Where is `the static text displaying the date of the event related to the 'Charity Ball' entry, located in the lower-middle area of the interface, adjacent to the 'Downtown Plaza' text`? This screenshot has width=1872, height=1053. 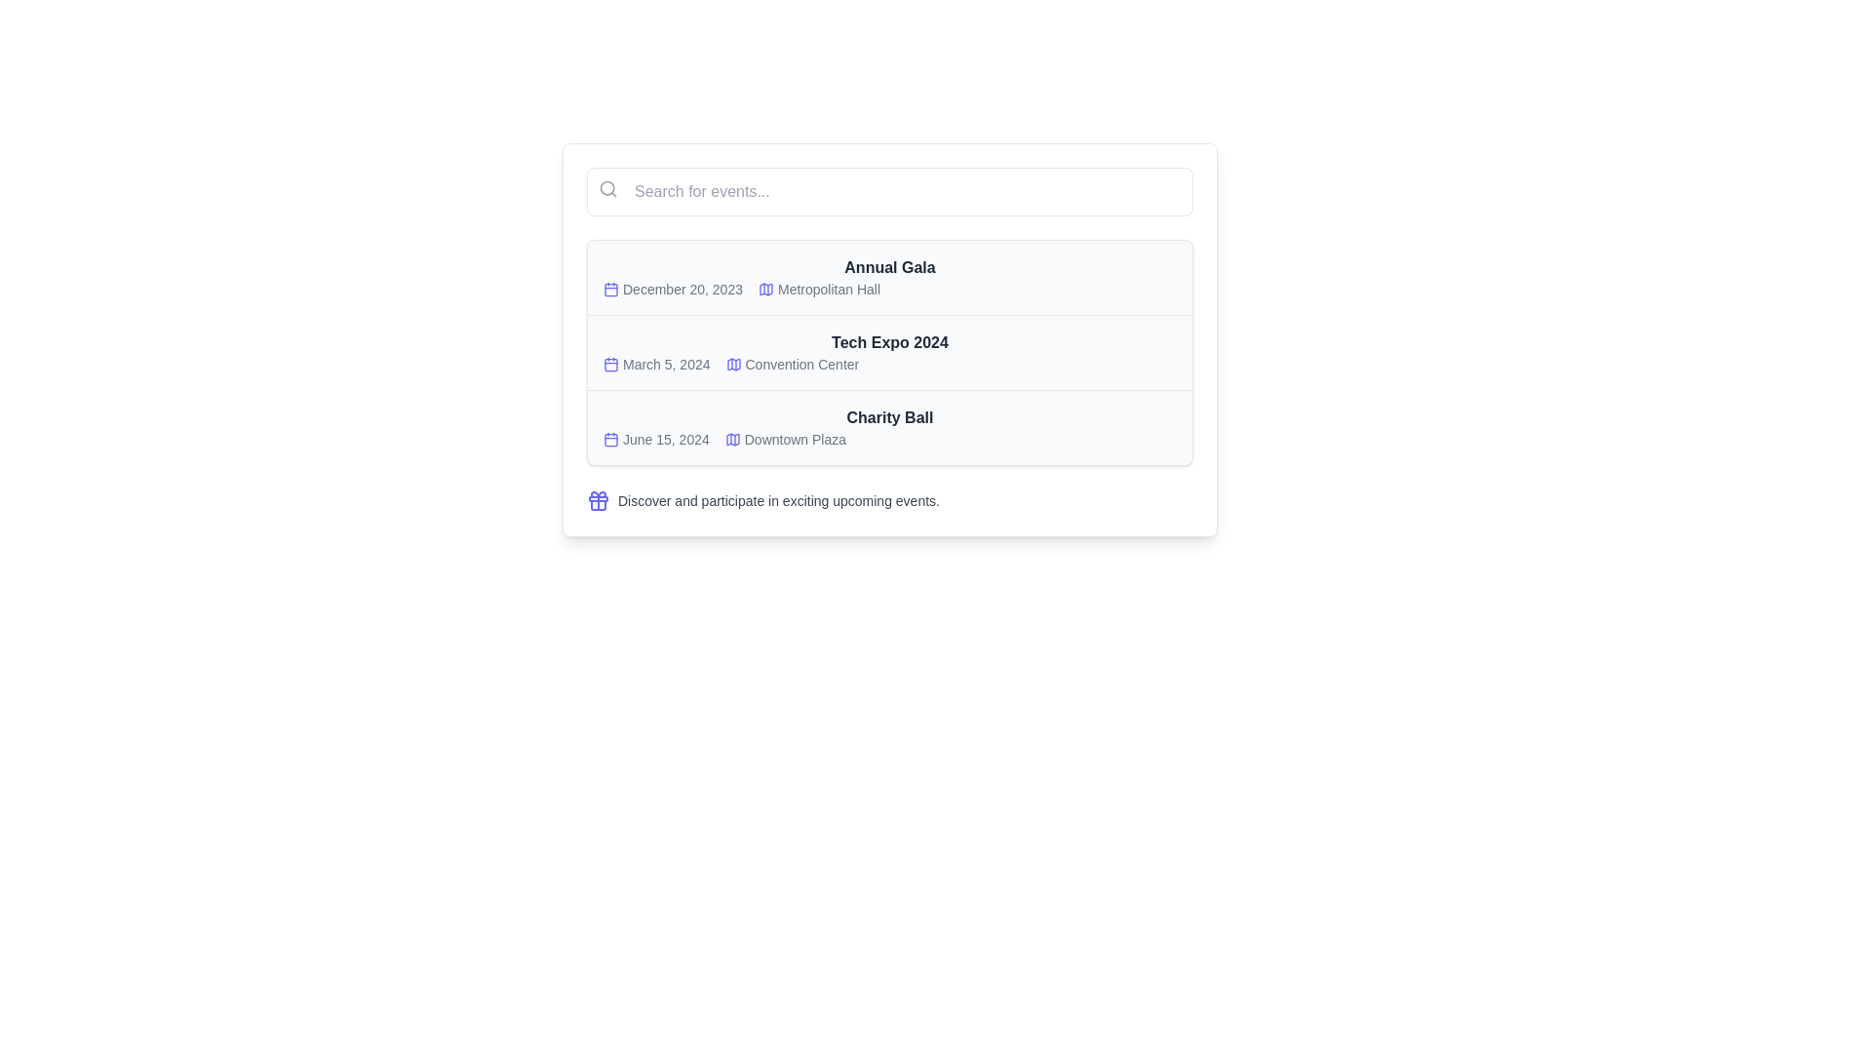 the static text displaying the date of the event related to the 'Charity Ball' entry, located in the lower-middle area of the interface, adjacent to the 'Downtown Plaza' text is located at coordinates (656, 440).